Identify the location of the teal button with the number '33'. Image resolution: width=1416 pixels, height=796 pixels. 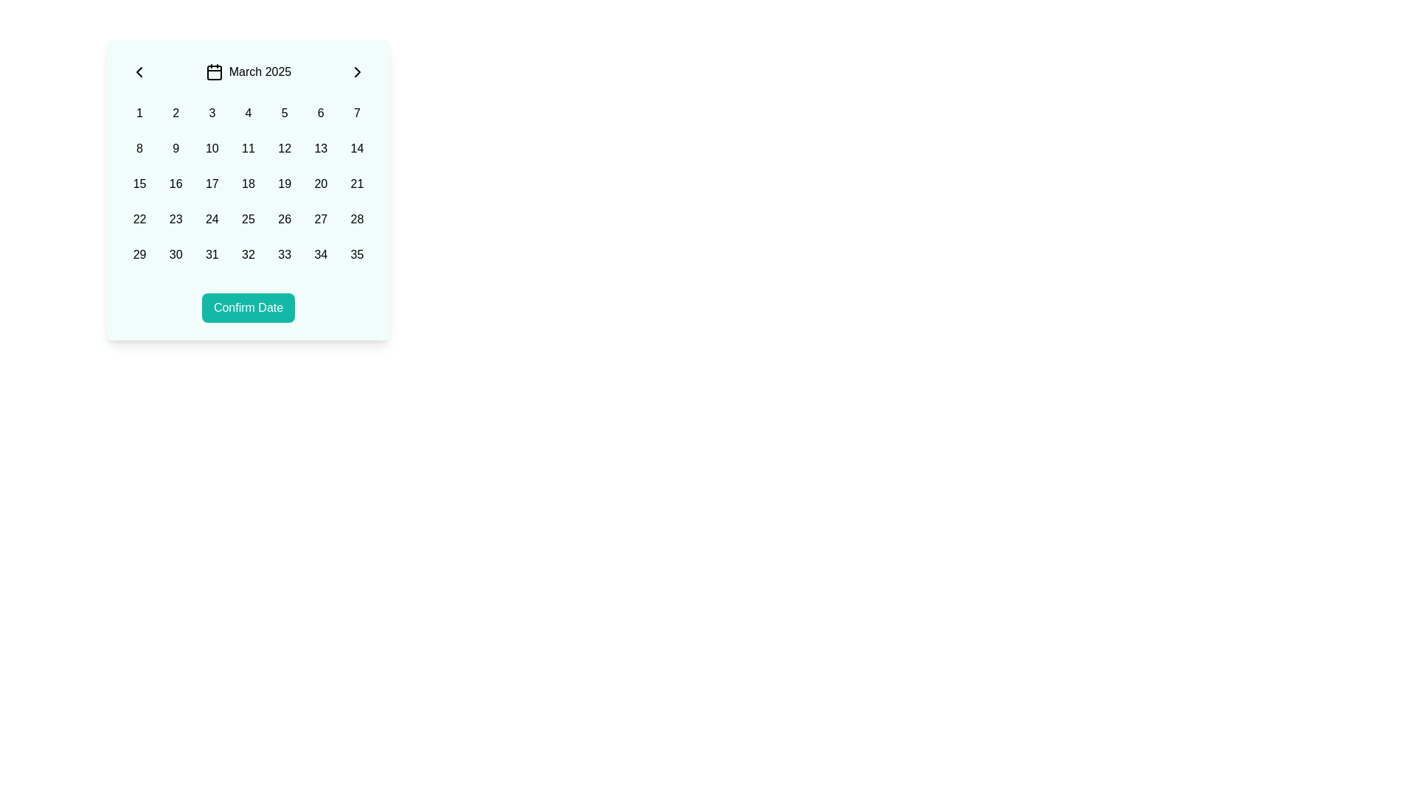
(285, 254).